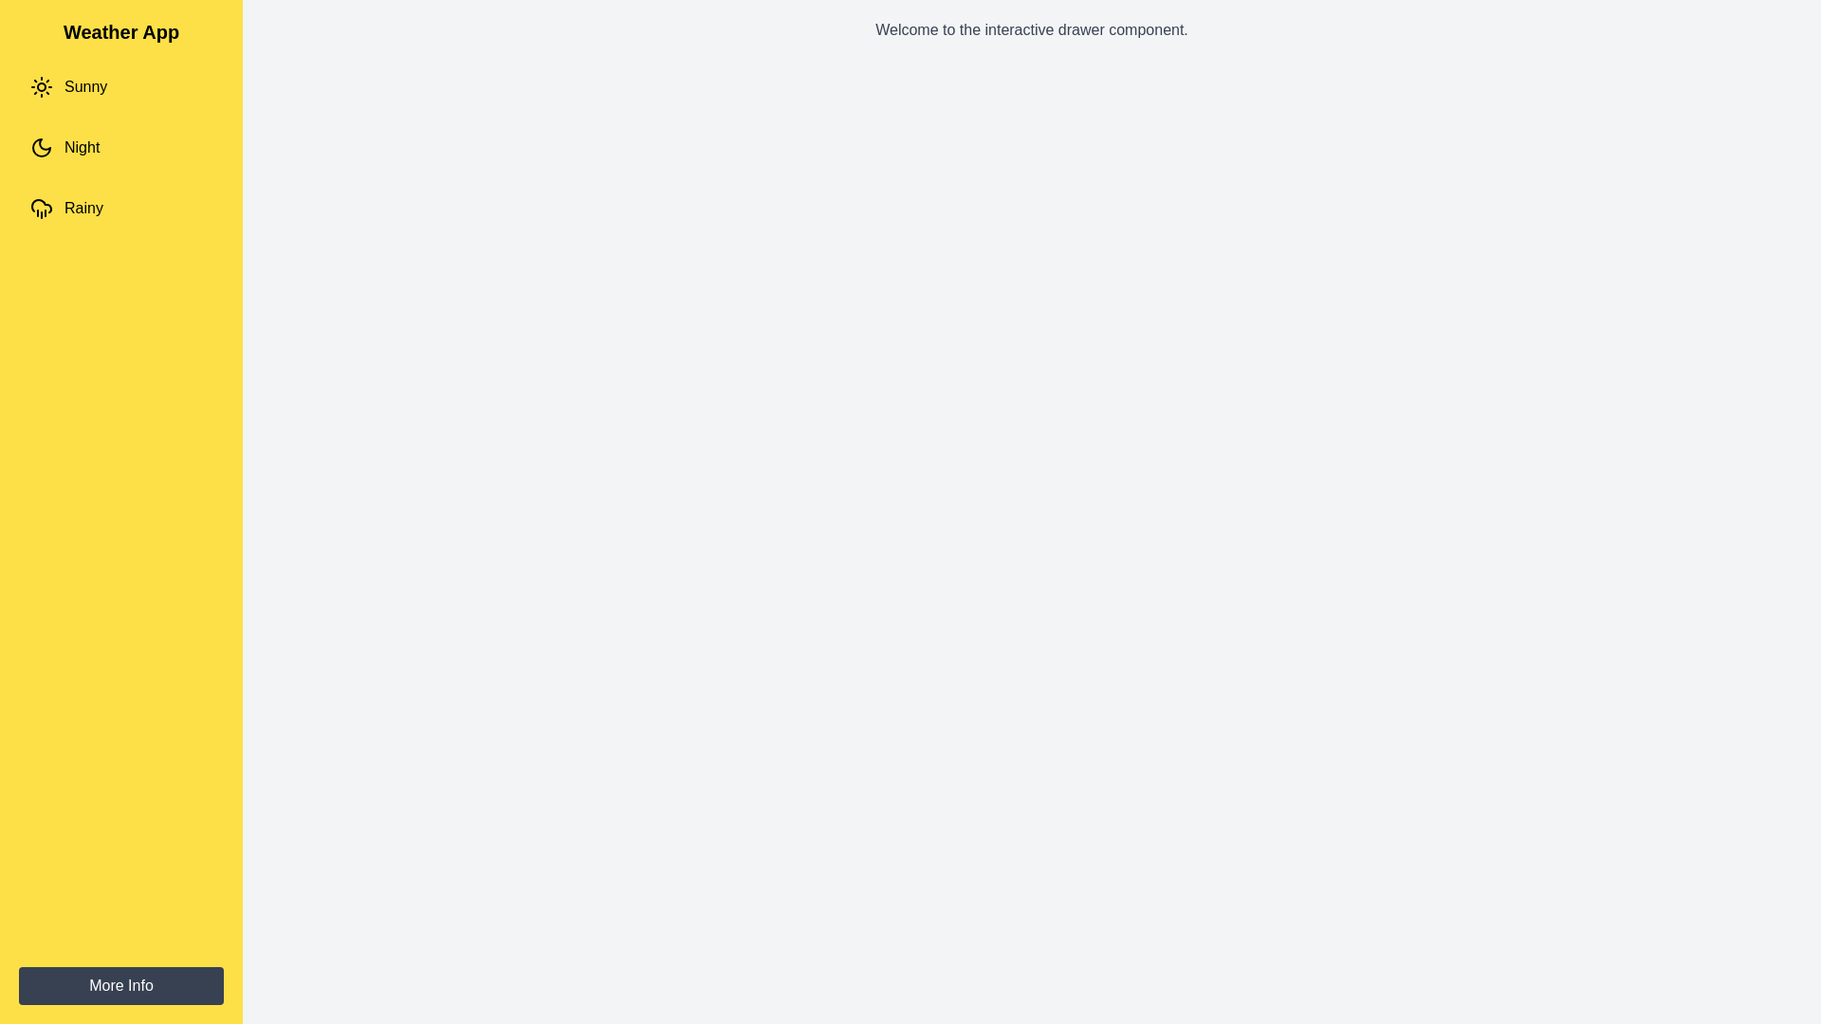 The height and width of the screenshot is (1024, 1821). Describe the element at coordinates (41, 87) in the screenshot. I see `the sun icon, which is a bold, minimalistic black circle with radiating lines, located at the top-left of the 'Weather App' sidebar` at that location.